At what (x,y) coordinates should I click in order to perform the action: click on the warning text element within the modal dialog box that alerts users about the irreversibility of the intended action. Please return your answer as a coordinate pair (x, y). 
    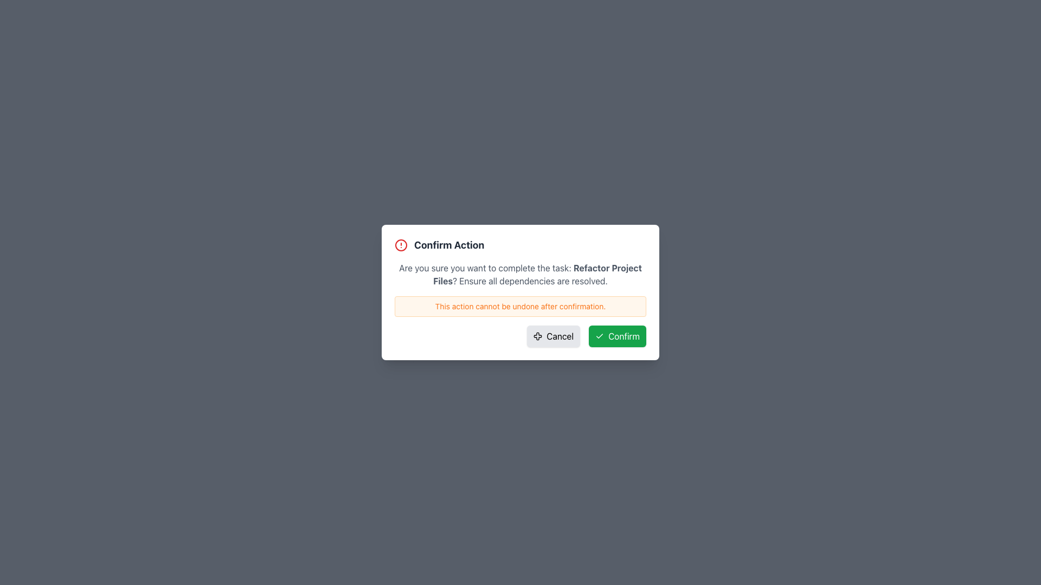
    Looking at the image, I should click on (520, 307).